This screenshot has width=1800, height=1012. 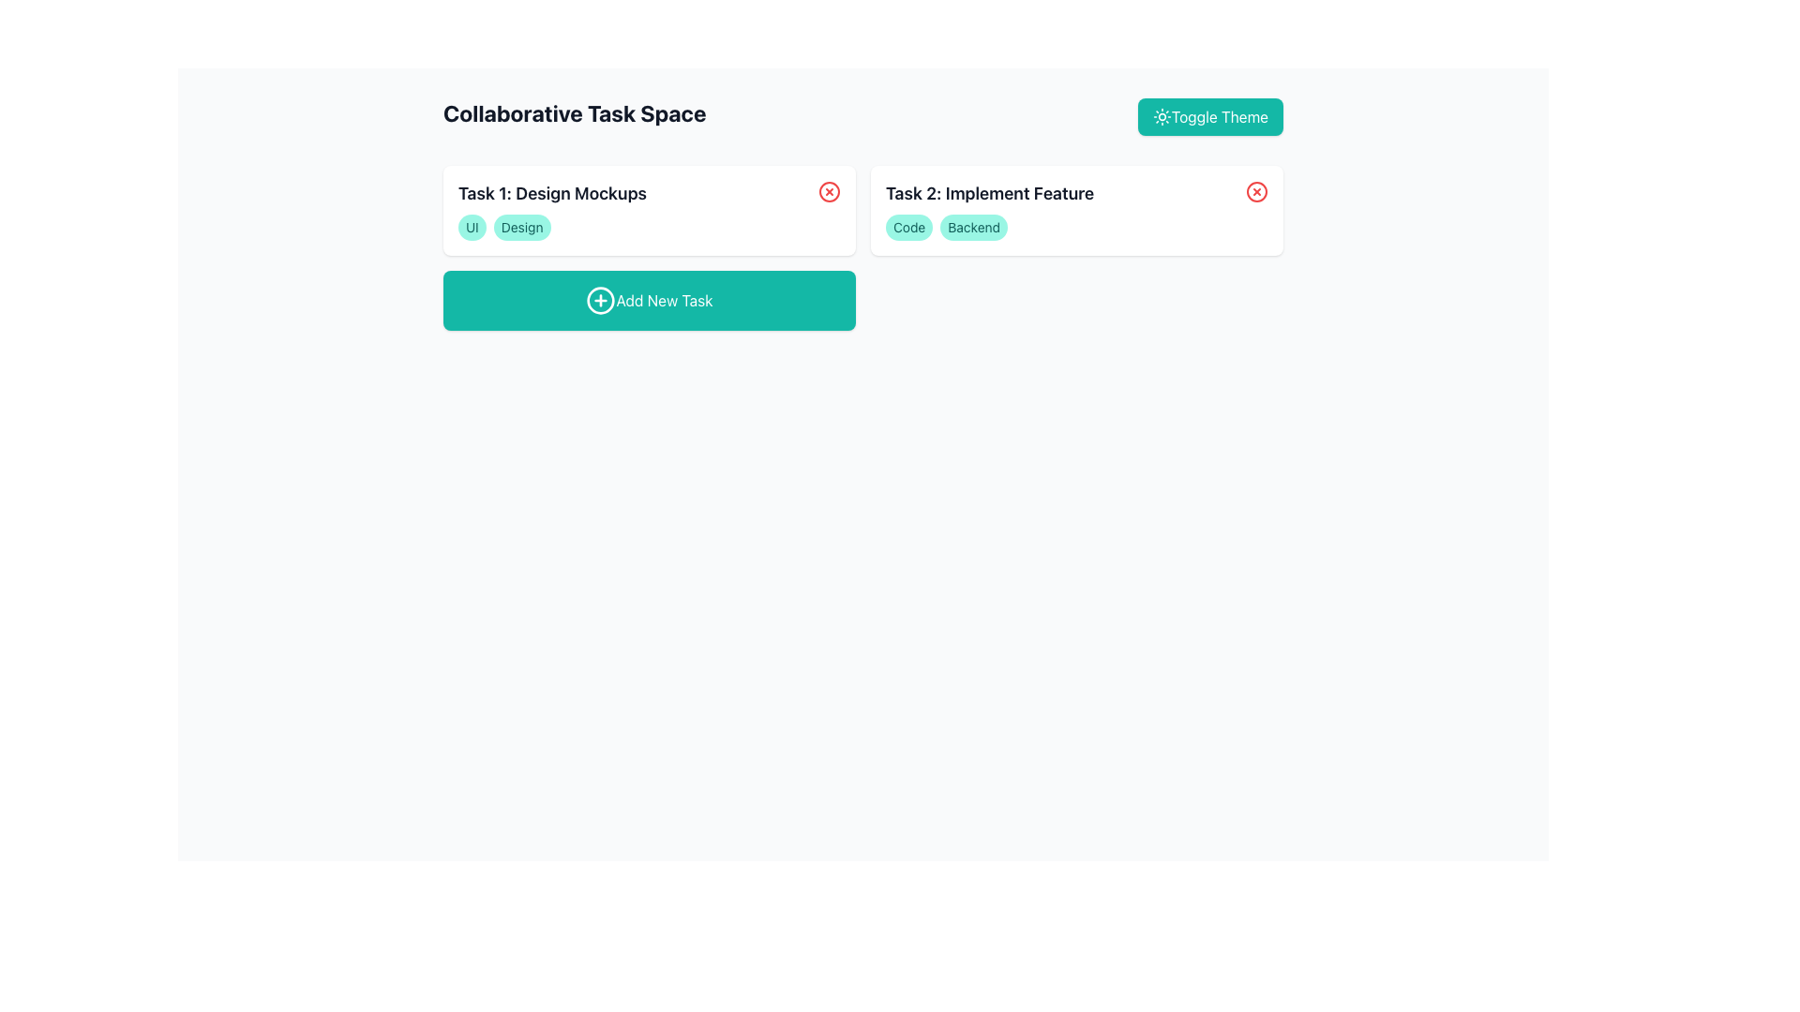 I want to click on the delete icon button located at the far-right end of the task card labeled 'Task 1: Design Mockups', so click(x=828, y=191).